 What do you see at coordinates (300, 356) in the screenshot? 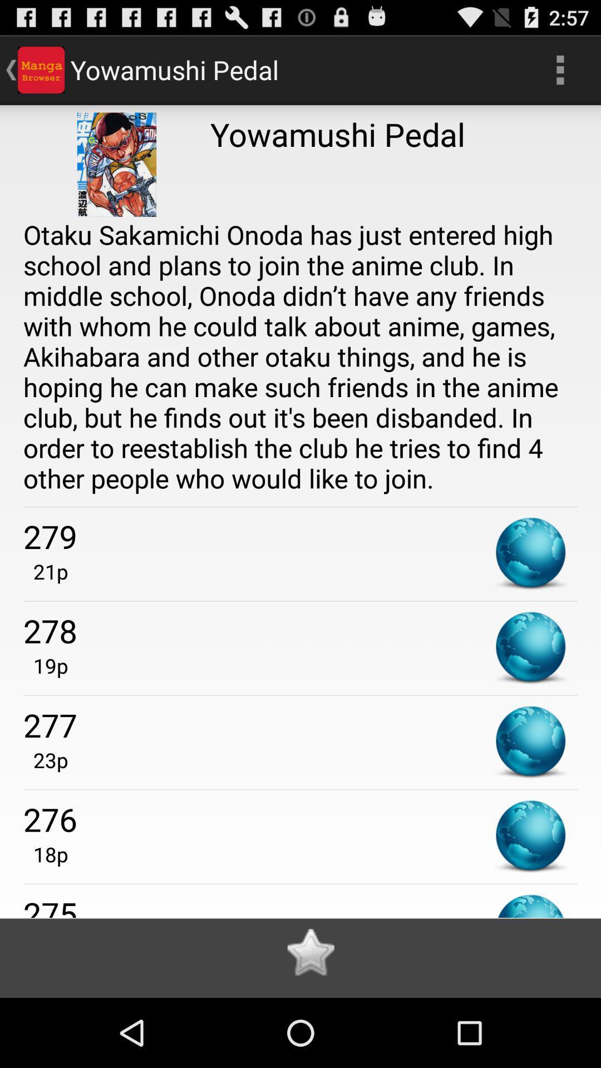
I see `otaku sakamichi onoda app` at bounding box center [300, 356].